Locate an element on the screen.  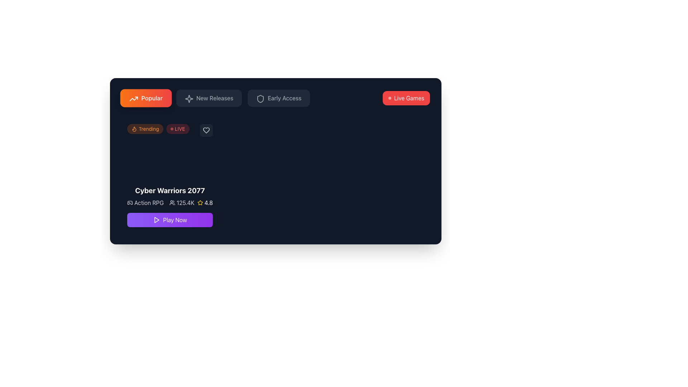
the 'New Releases' text label located in the navigation bar, which is the second option in a horizontal list of elements including 'Popular' and 'Early Access' is located at coordinates (214, 98).